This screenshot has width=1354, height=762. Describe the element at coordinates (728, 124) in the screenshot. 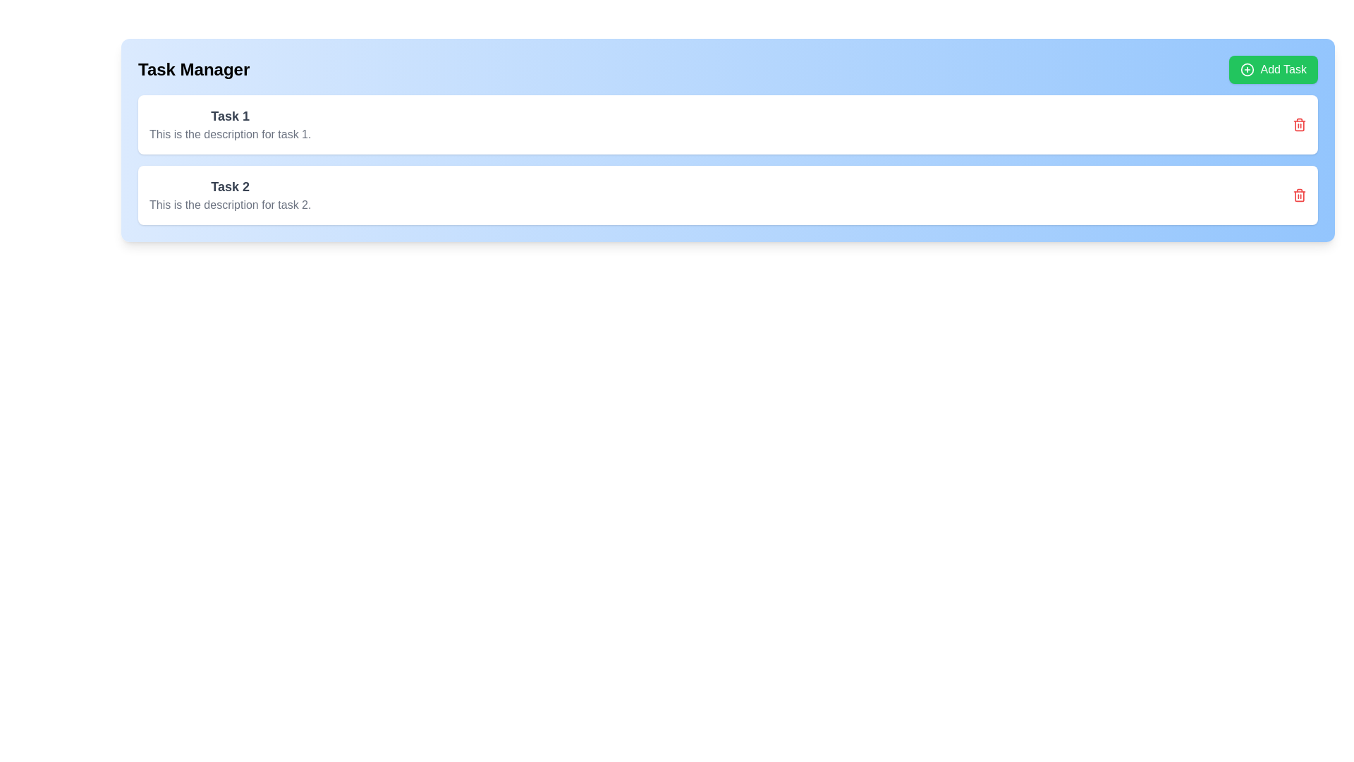

I see `the first task card in the list, which displays the task details above the card titled 'Task 2'` at that location.